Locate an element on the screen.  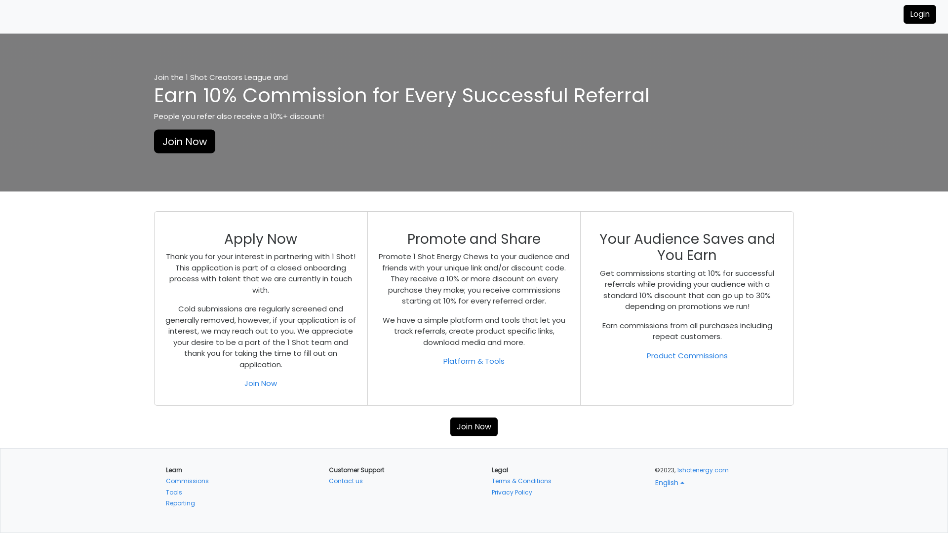
'Reporting' is located at coordinates (166, 481).